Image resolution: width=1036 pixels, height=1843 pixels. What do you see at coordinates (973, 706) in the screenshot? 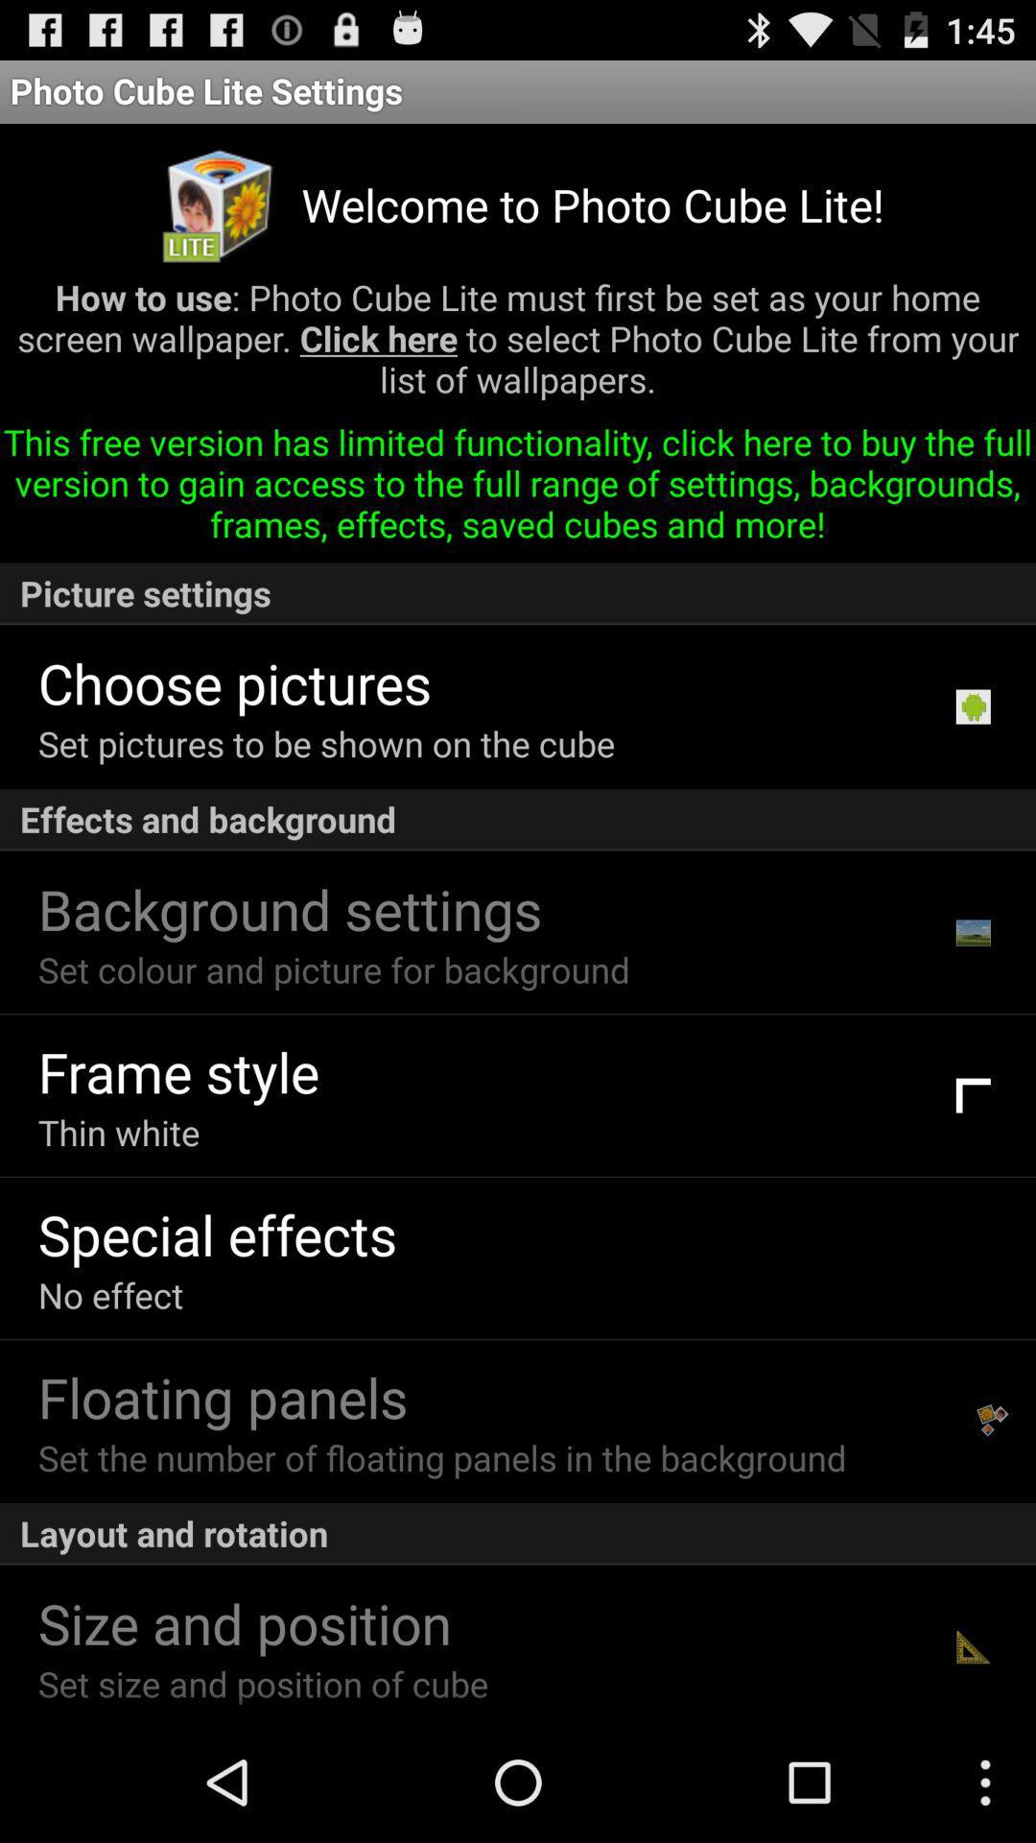
I see `the icon above effects and background item` at bounding box center [973, 706].